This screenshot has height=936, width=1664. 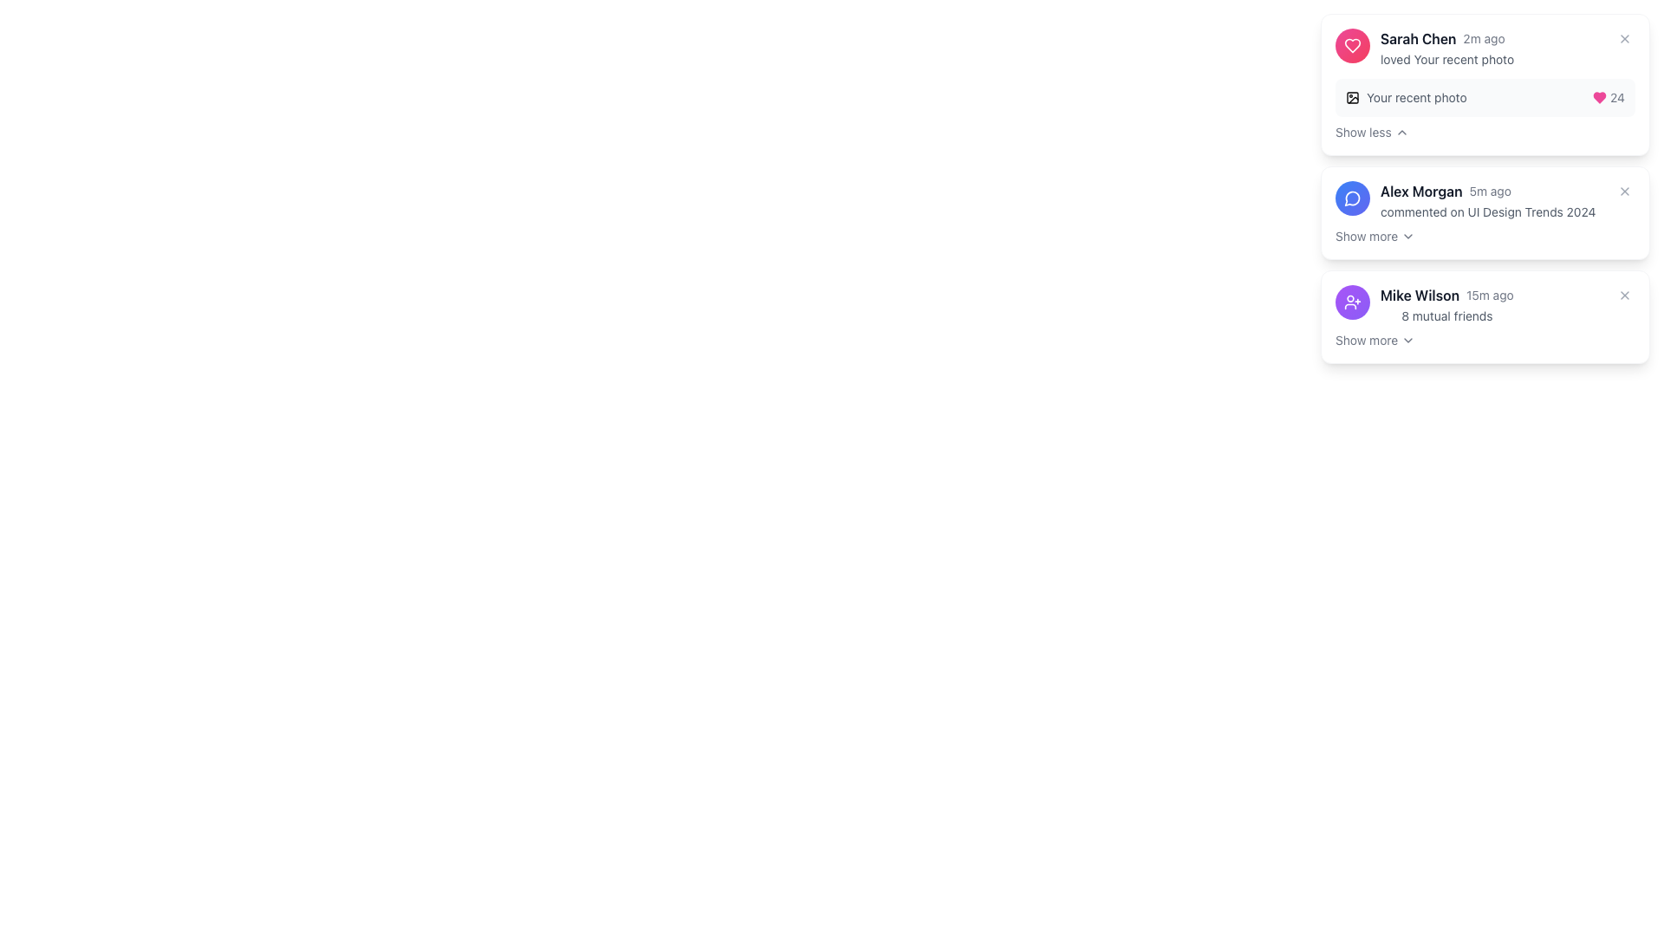 What do you see at coordinates (1484, 97) in the screenshot?
I see `the displayed information in the Inline information display located under the user 'Sarah Chen', which shows the text 'Your recent photo' and includes a heart icon with a count of '24'` at bounding box center [1484, 97].